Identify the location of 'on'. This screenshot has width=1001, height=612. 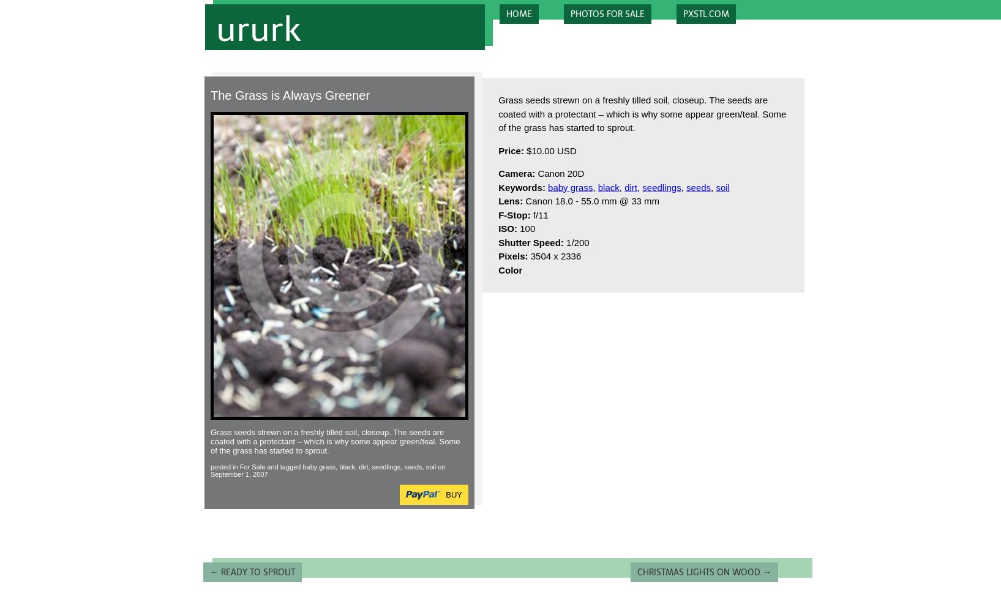
(440, 466).